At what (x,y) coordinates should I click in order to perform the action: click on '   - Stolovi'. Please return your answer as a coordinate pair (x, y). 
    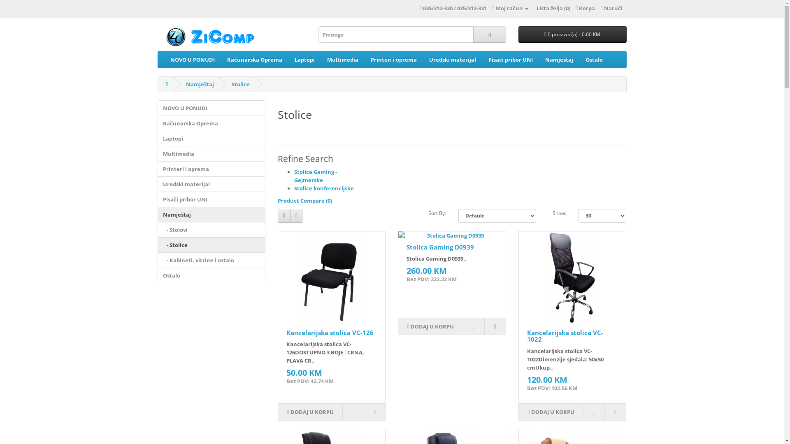
    Looking at the image, I should click on (211, 230).